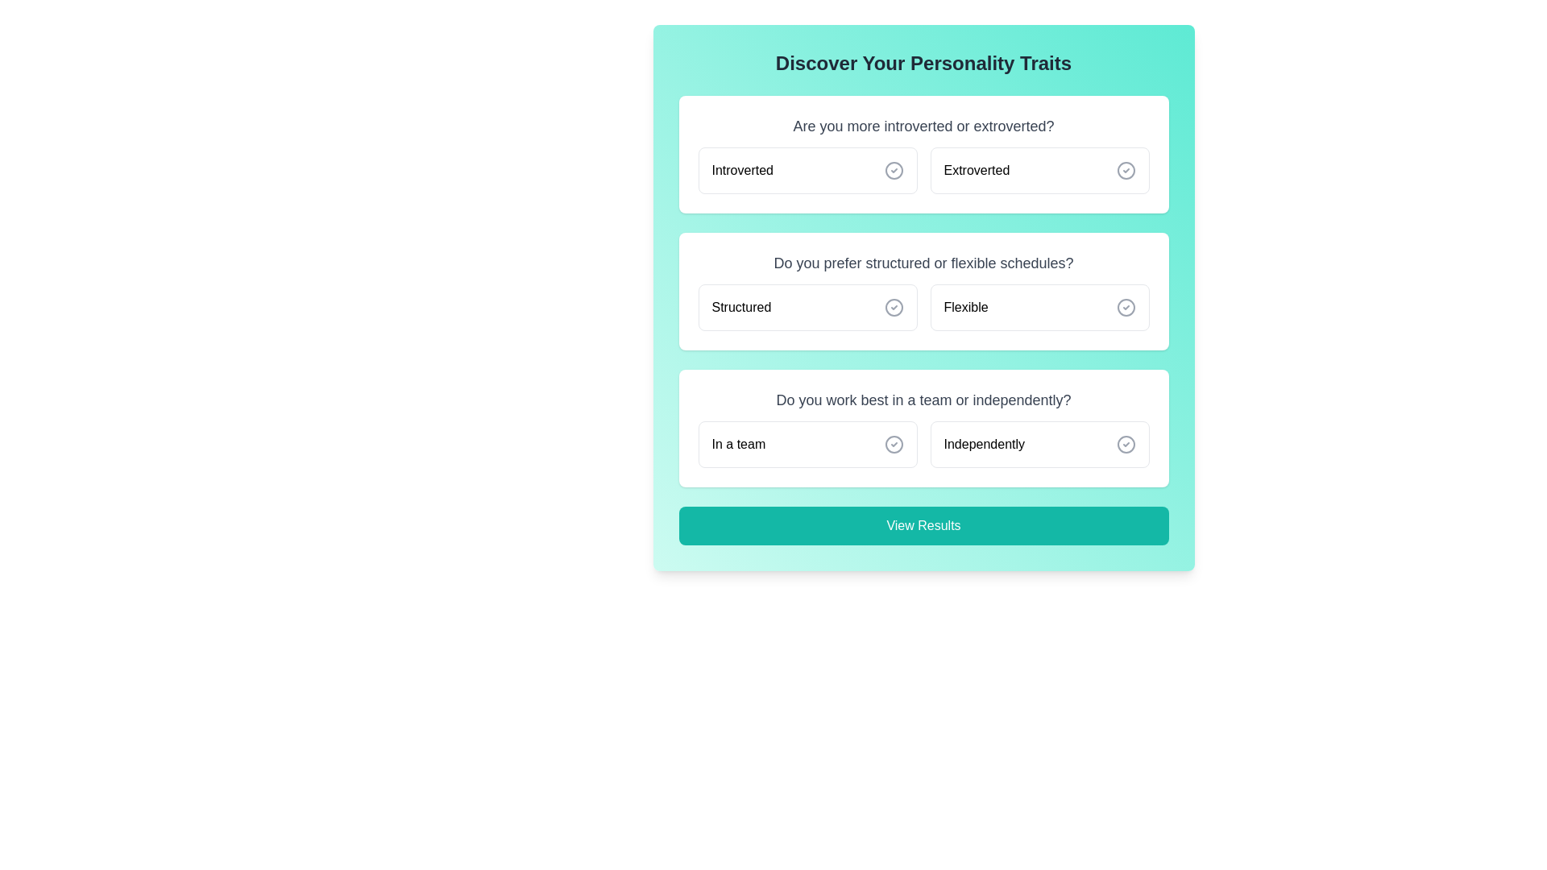  Describe the element at coordinates (1039, 307) in the screenshot. I see `the selectable option button for indicating a preference for flexible scheduling, which is located to the right of the 'Structured' block` at that location.